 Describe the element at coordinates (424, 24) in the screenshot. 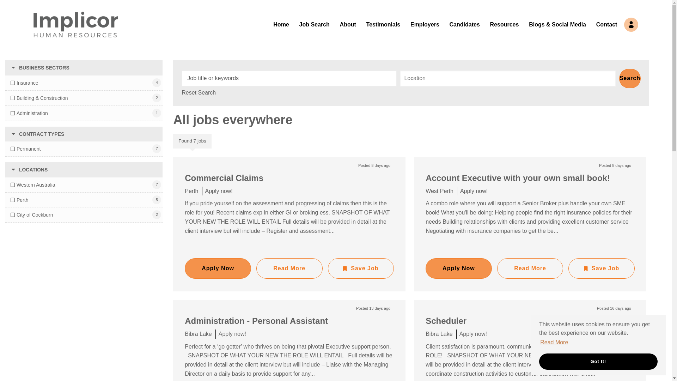

I see `'Employers'` at that location.